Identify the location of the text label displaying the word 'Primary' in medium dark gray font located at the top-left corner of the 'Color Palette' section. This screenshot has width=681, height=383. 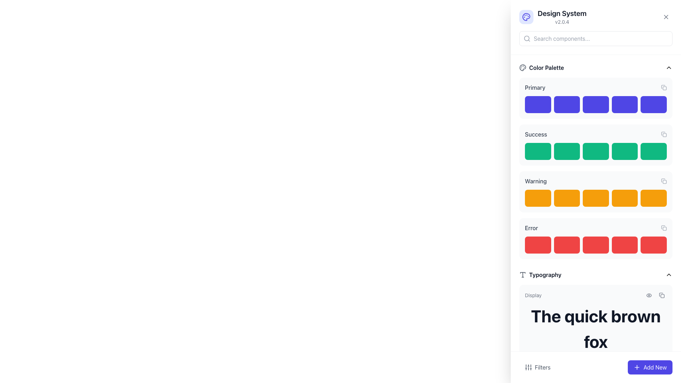
(535, 87).